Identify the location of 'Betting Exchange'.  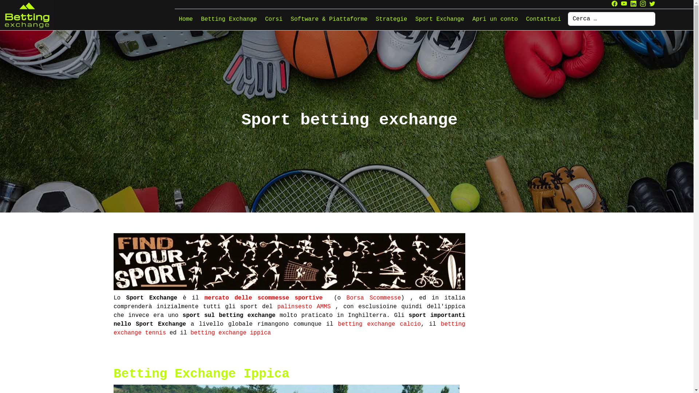
(228, 19).